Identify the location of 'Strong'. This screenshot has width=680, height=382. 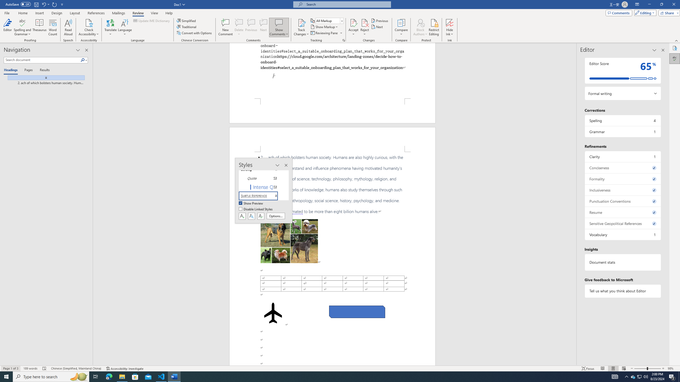
(261, 170).